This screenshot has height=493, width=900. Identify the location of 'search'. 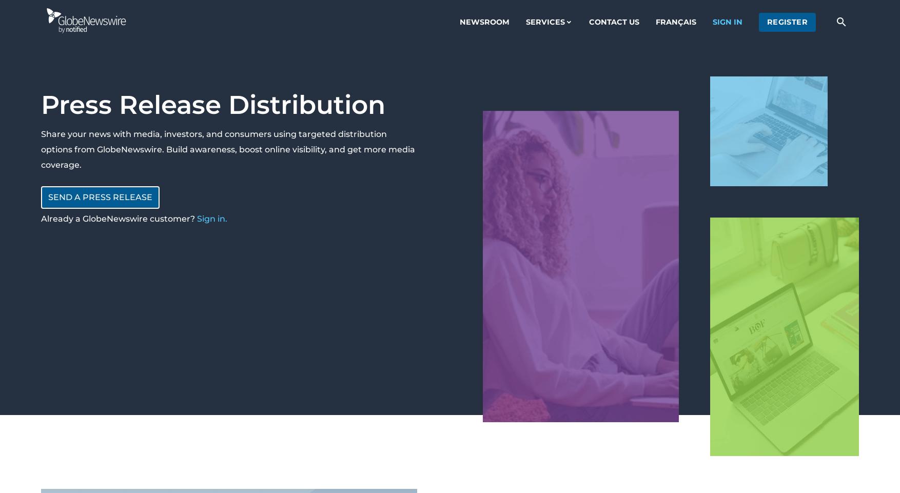
(841, 21).